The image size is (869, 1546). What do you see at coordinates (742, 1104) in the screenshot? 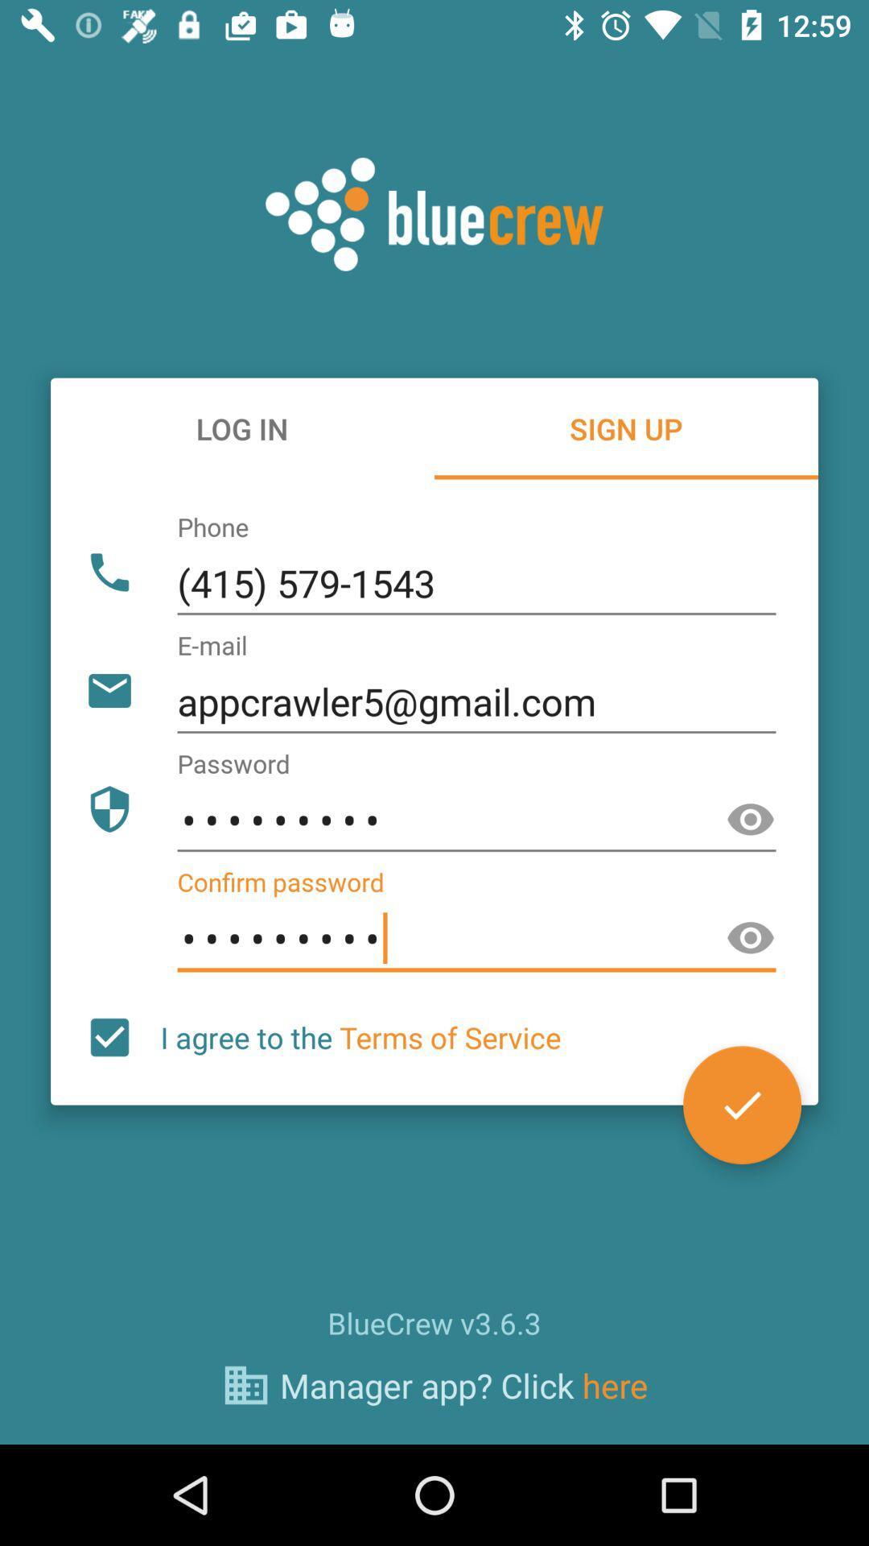
I see `confirm` at bounding box center [742, 1104].